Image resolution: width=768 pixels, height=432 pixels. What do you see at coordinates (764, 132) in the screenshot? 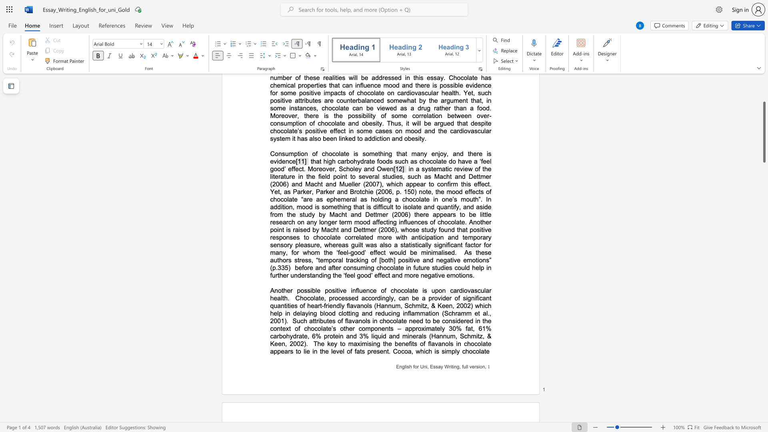
I see `the scrollbar and move down 2320 pixels` at bounding box center [764, 132].